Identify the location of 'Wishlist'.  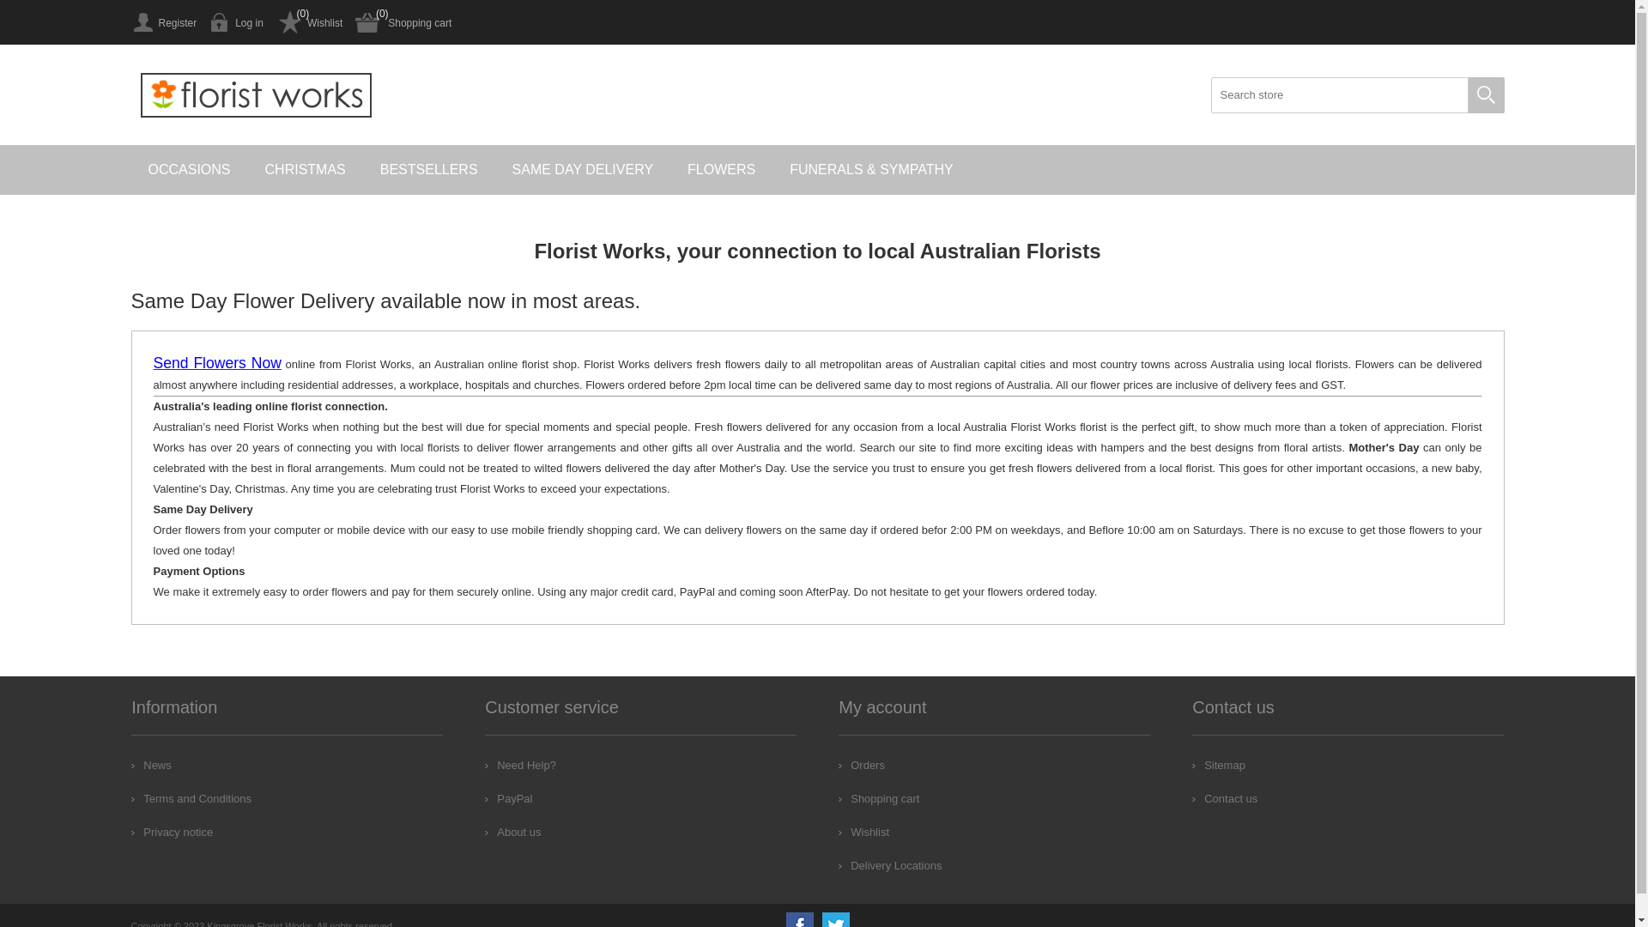
(309, 22).